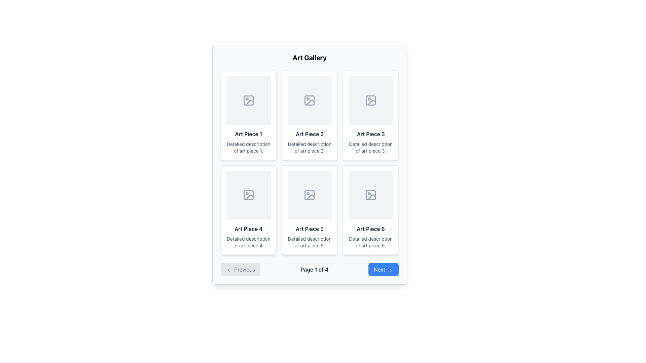  Describe the element at coordinates (248, 195) in the screenshot. I see `the decorative rectangle with rounded corners that is part of the icon in the fourth tile of the 2x3 grid layout on the 'Art Gallery' page` at that location.